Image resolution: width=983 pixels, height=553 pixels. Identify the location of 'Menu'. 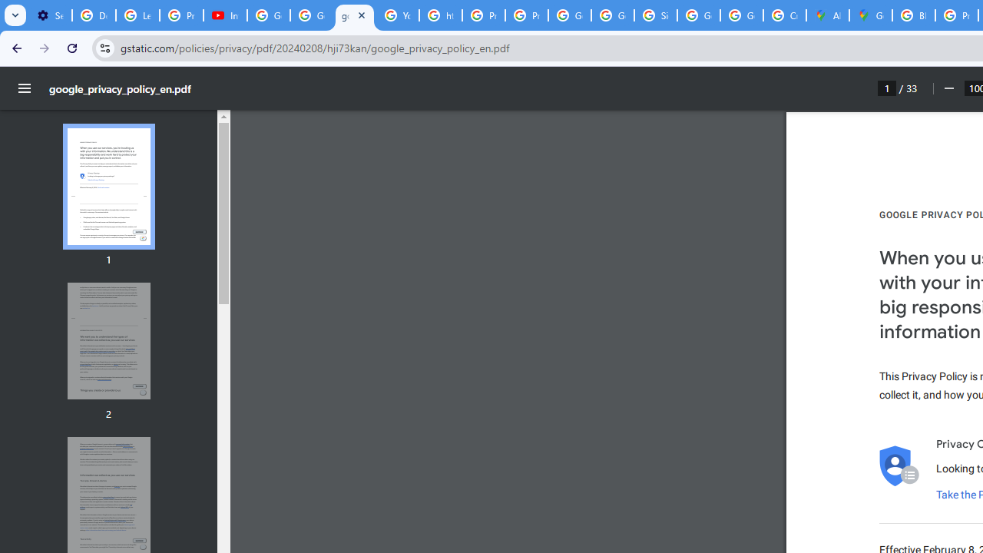
(25, 88).